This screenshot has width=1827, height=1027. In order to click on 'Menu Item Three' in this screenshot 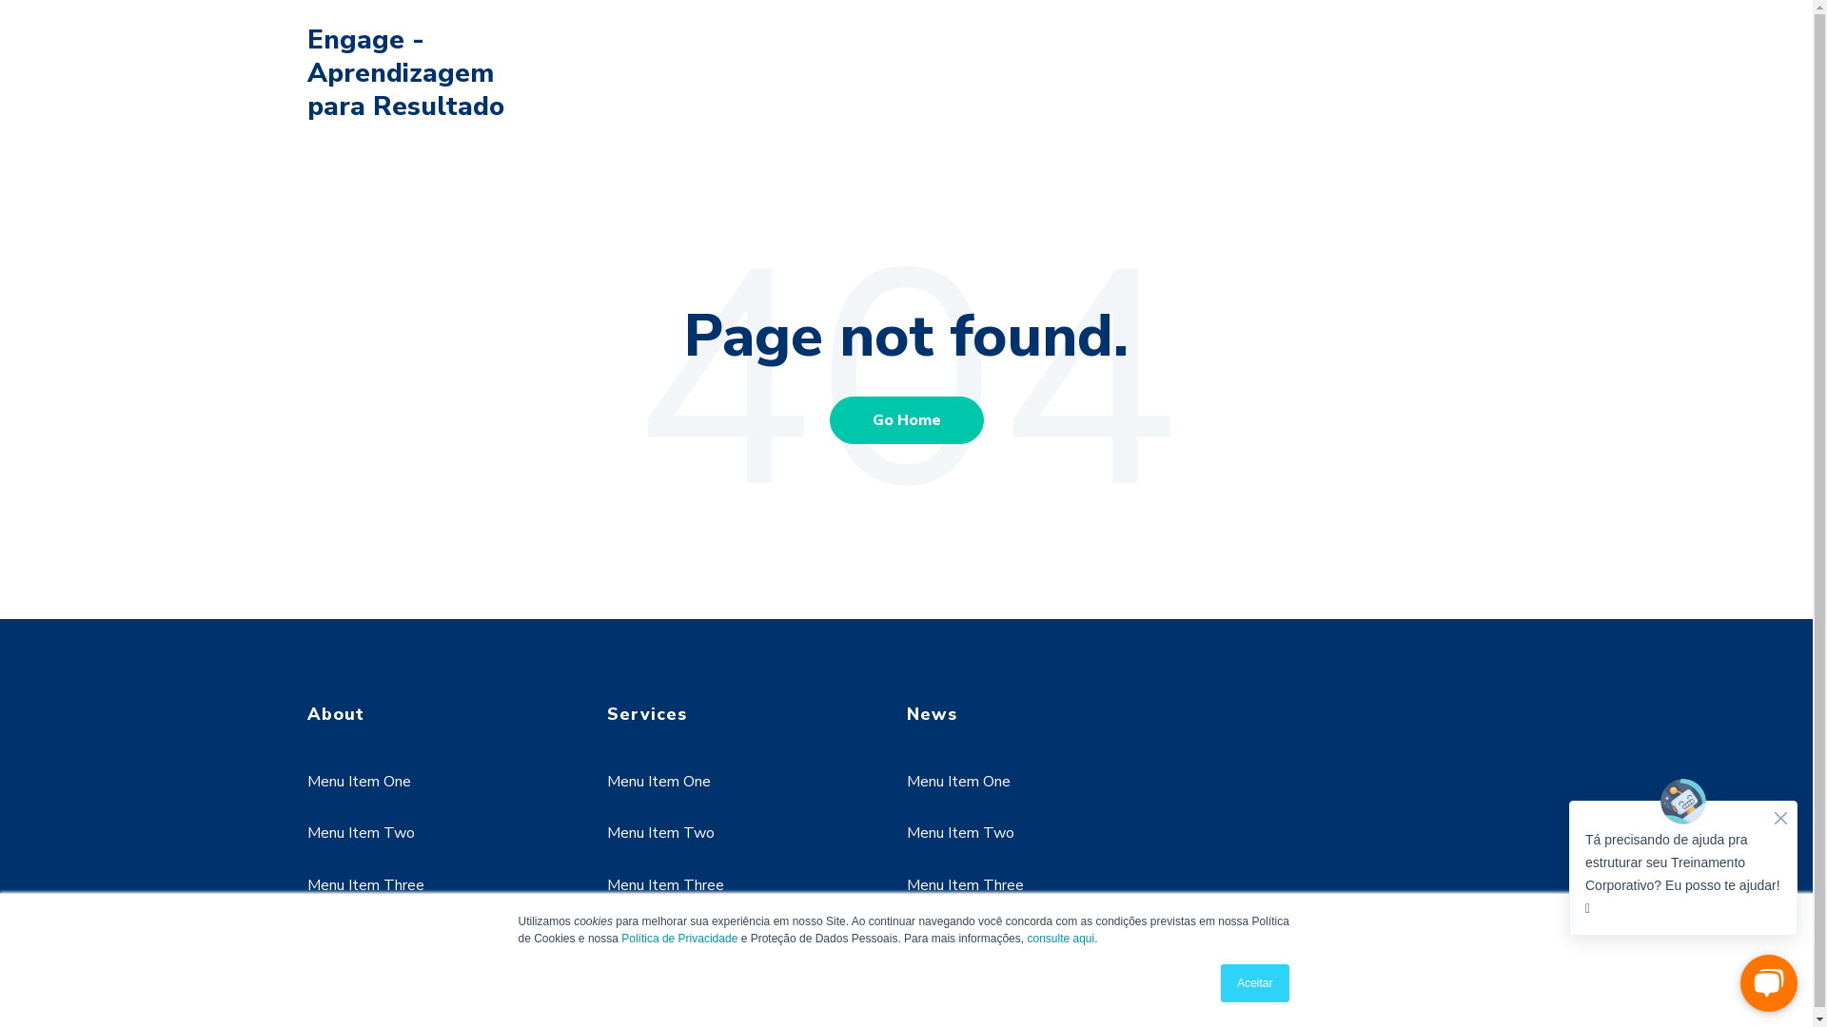, I will do `click(364, 884)`.